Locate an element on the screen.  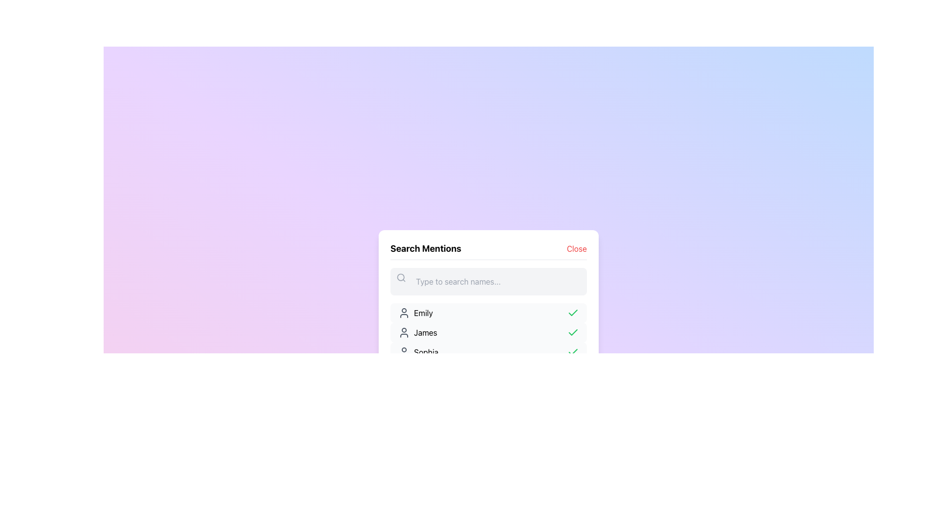
the green checkmark icon next to the list item labeled 'James' is located at coordinates (573, 332).